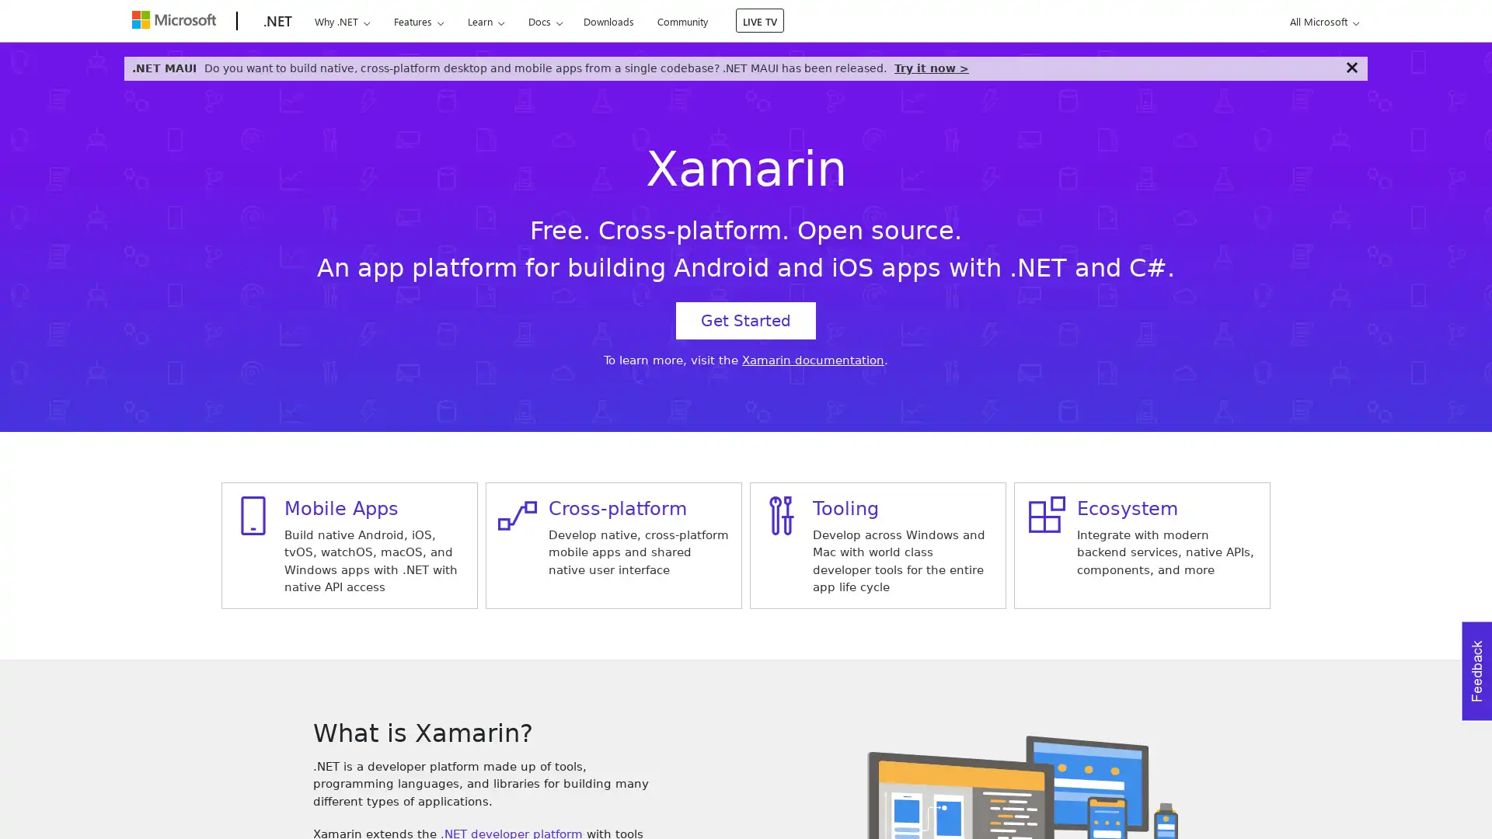 The height and width of the screenshot is (839, 1492). What do you see at coordinates (746, 319) in the screenshot?
I see `Get Started` at bounding box center [746, 319].